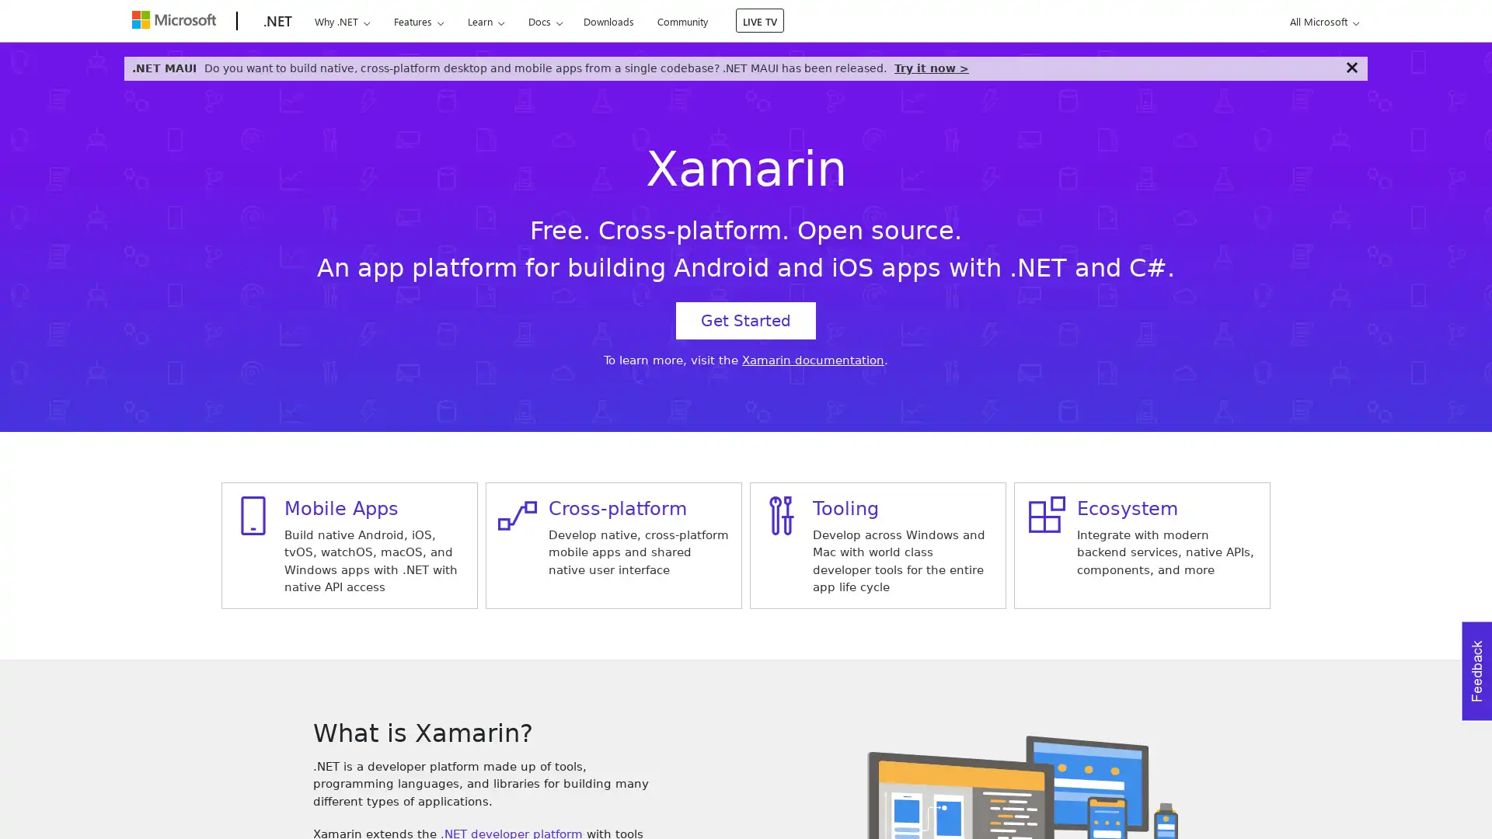 The height and width of the screenshot is (839, 1492). What do you see at coordinates (746, 319) in the screenshot?
I see `Get Started` at bounding box center [746, 319].